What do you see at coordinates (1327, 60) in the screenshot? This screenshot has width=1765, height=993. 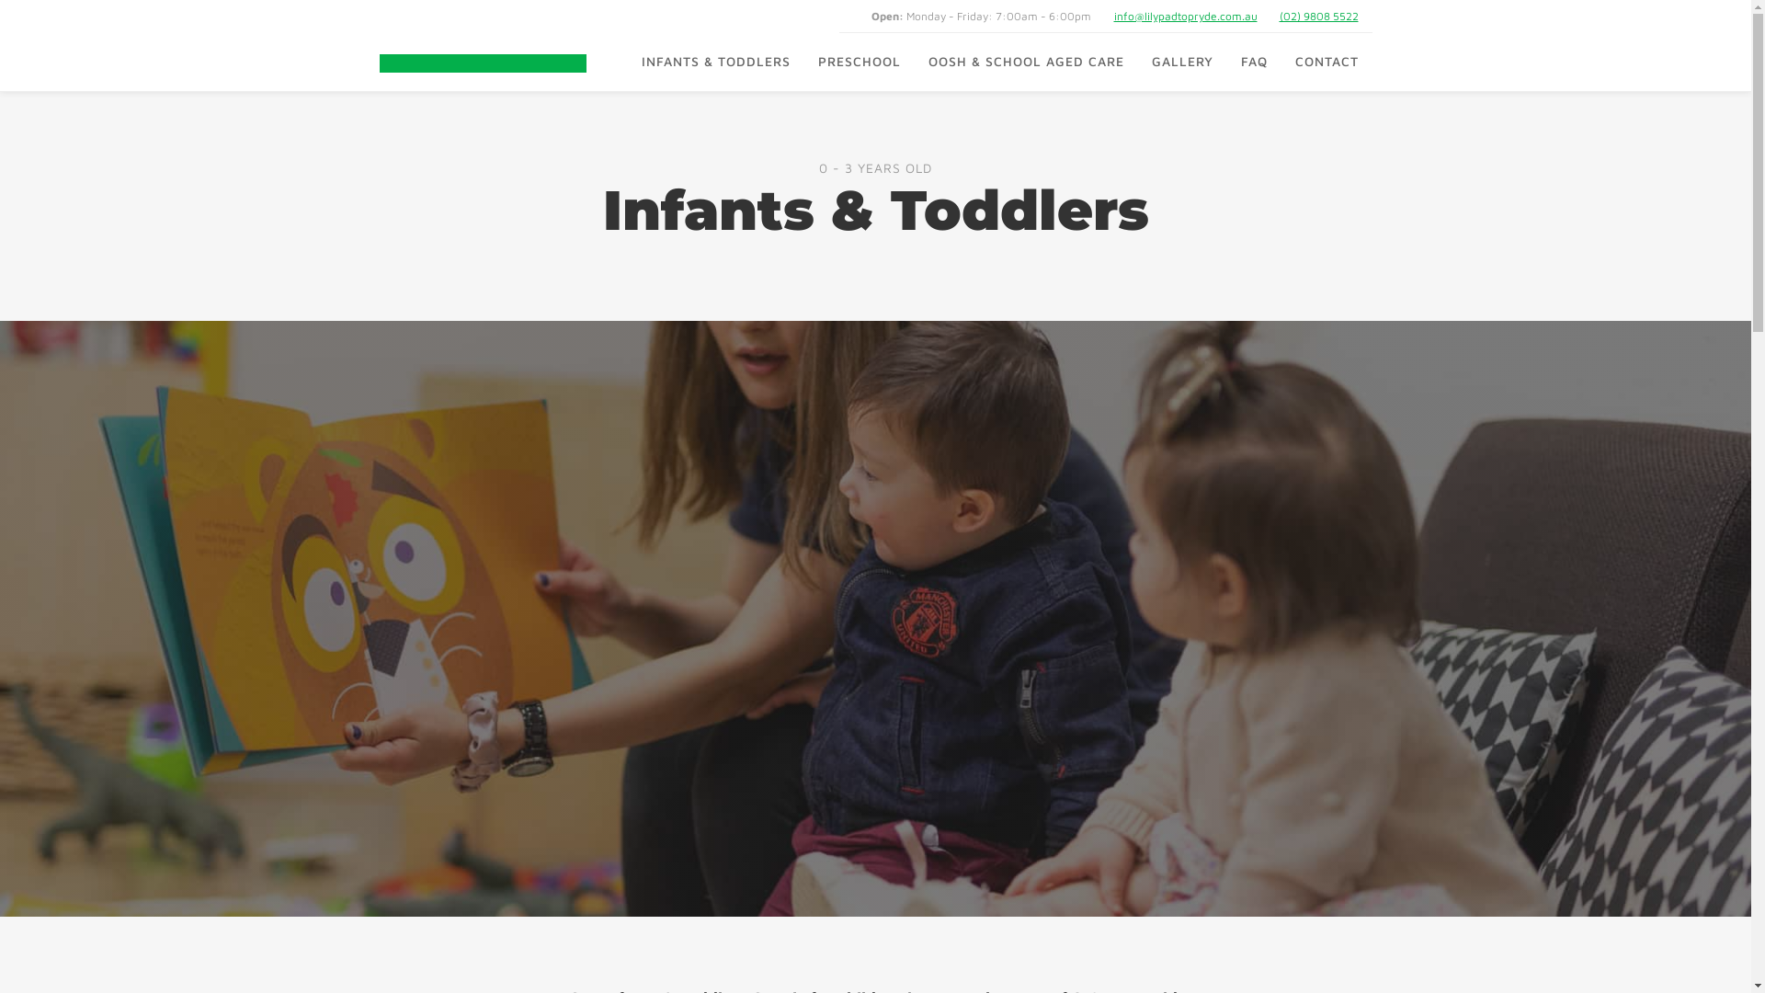 I see `'CONTACT'` at bounding box center [1327, 60].